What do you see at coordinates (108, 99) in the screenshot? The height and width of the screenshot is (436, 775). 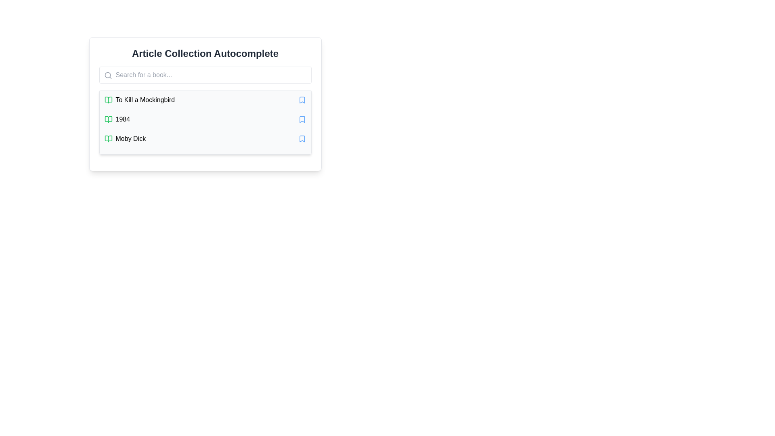 I see `the open book icon, which is the second element in the list before the item labeled '1984'` at bounding box center [108, 99].